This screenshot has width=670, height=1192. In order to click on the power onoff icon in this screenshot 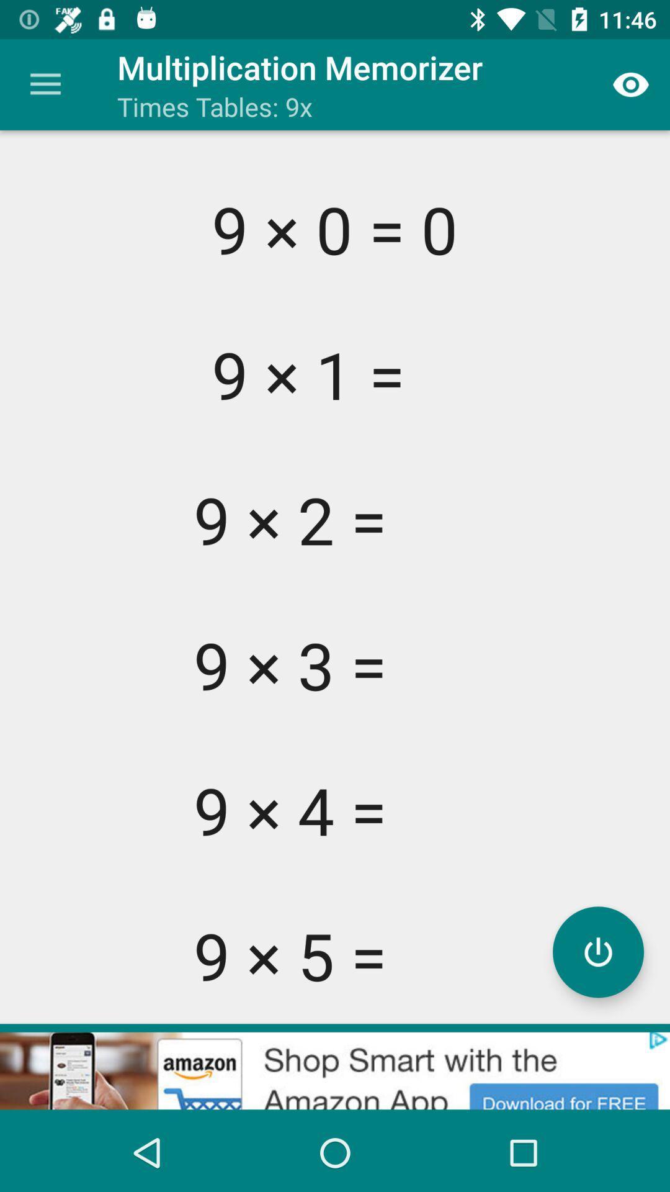, I will do `click(597, 951)`.